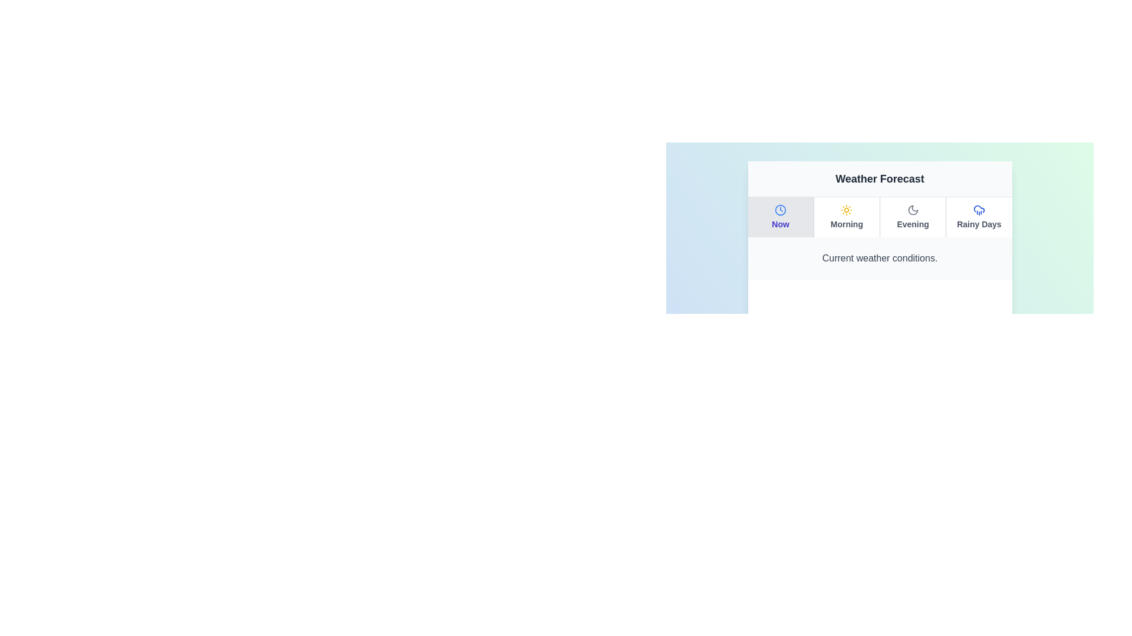 The width and height of the screenshot is (1132, 636). I want to click on the static text block that indicates the present weather conditions, located beneath the tabs labeled 'Now,' 'Morning,' 'Evening,' and 'Rainy Days.', so click(880, 258).